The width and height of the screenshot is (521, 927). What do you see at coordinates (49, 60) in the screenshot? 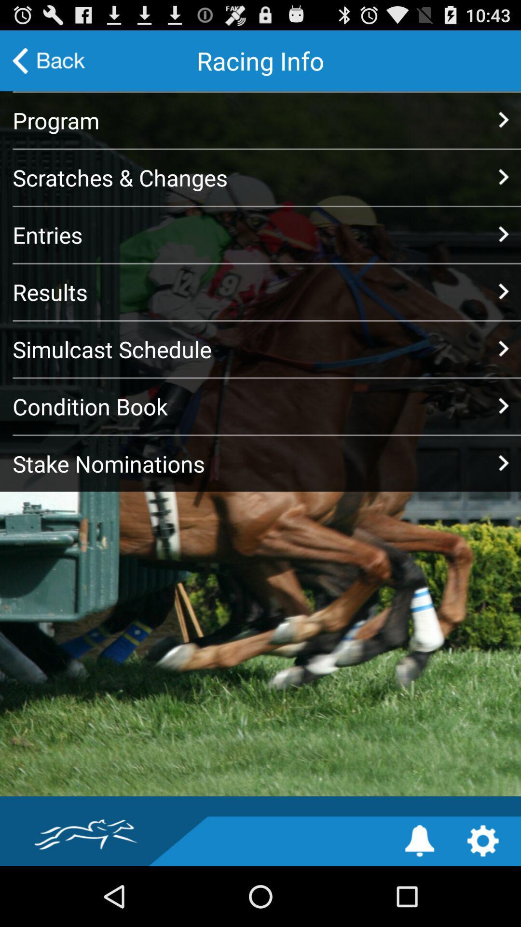
I see `the icon at the top left corner` at bounding box center [49, 60].